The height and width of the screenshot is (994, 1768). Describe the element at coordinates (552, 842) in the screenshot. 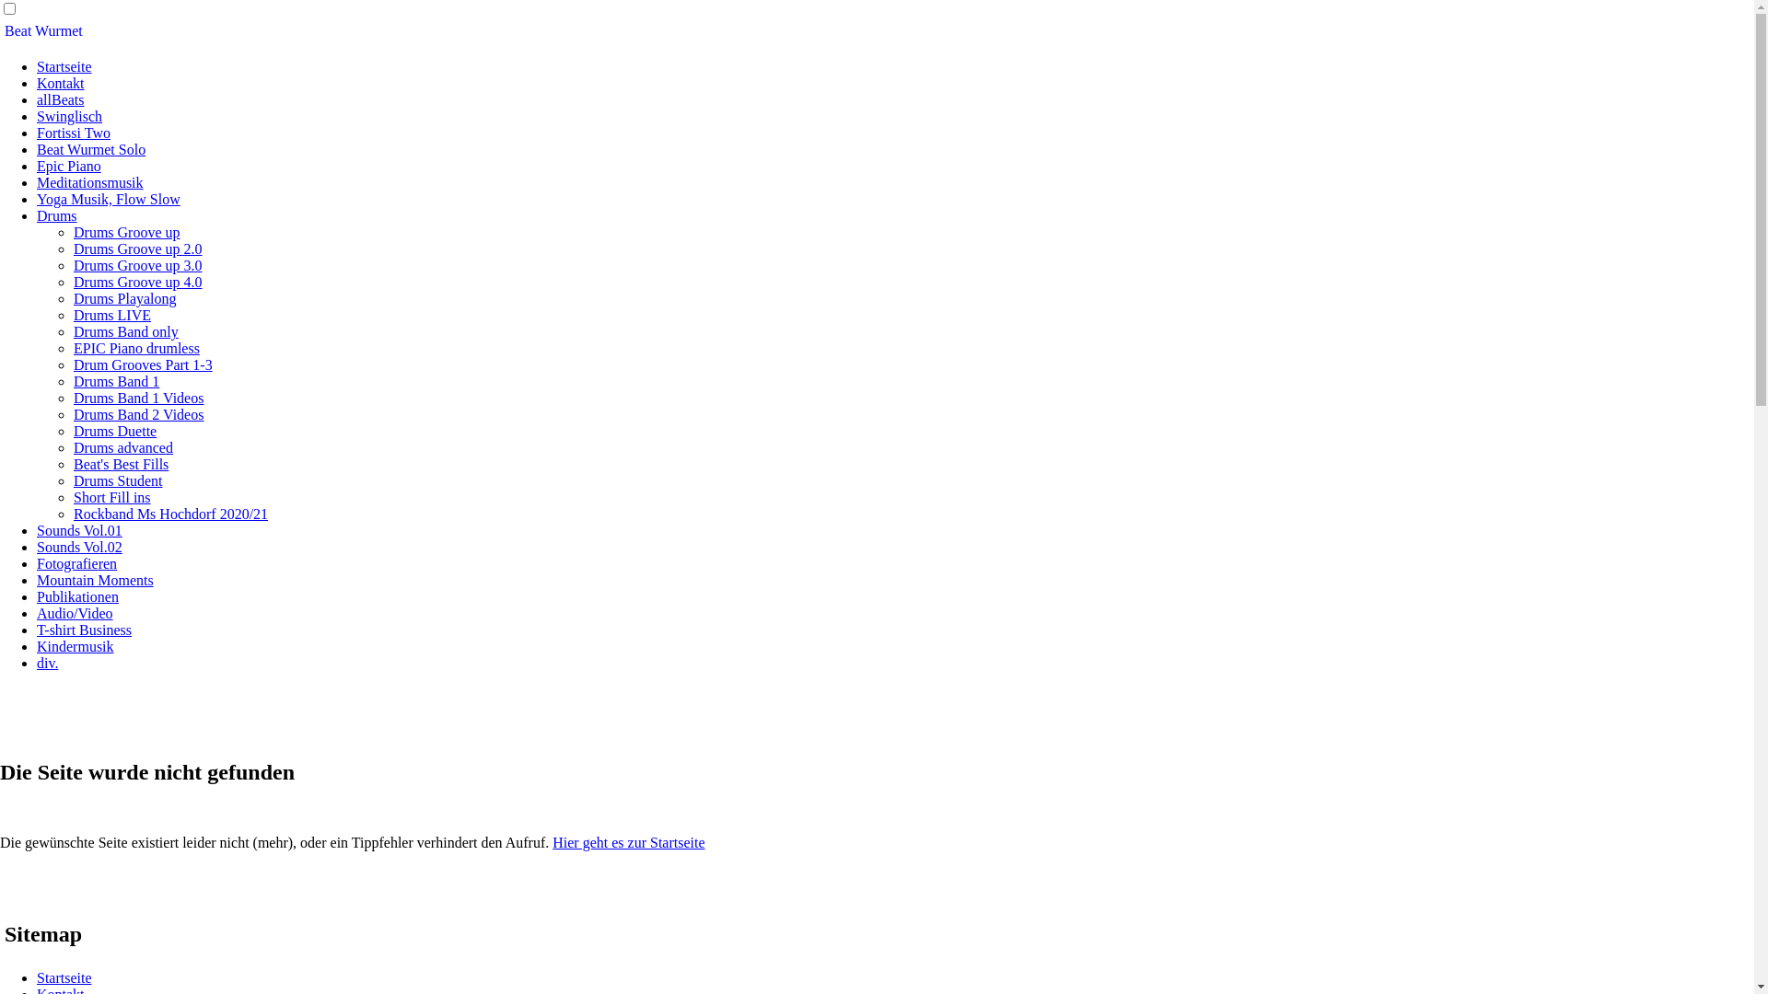

I see `'Hier geht es zur Startseite'` at that location.